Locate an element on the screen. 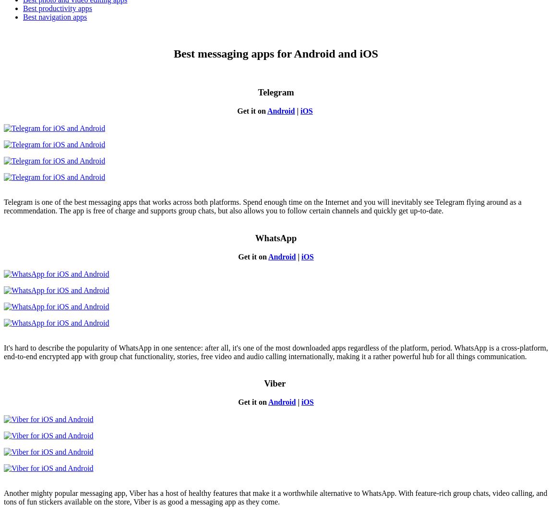 Image resolution: width=552 pixels, height=516 pixels. 'Telegram is one of the best messaging apps that works across both platforms. Spend enough time on the Internet and you will inevitably see Telegram flying around as a recommendation. The app is free of charge and supports group chats, but also allows you to follow certain channels and quickly get up-to-date.' is located at coordinates (263, 206).